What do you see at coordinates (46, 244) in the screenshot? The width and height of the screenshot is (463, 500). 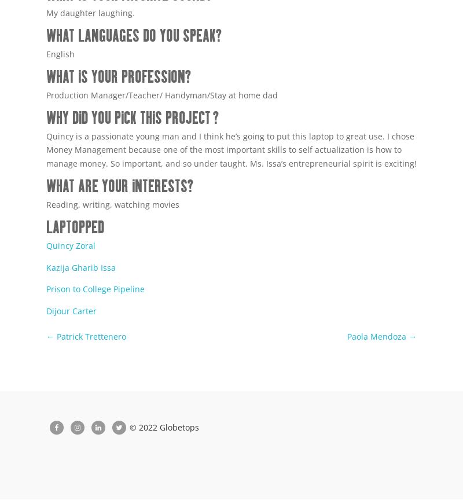 I see `'Quincy Zoral'` at bounding box center [46, 244].